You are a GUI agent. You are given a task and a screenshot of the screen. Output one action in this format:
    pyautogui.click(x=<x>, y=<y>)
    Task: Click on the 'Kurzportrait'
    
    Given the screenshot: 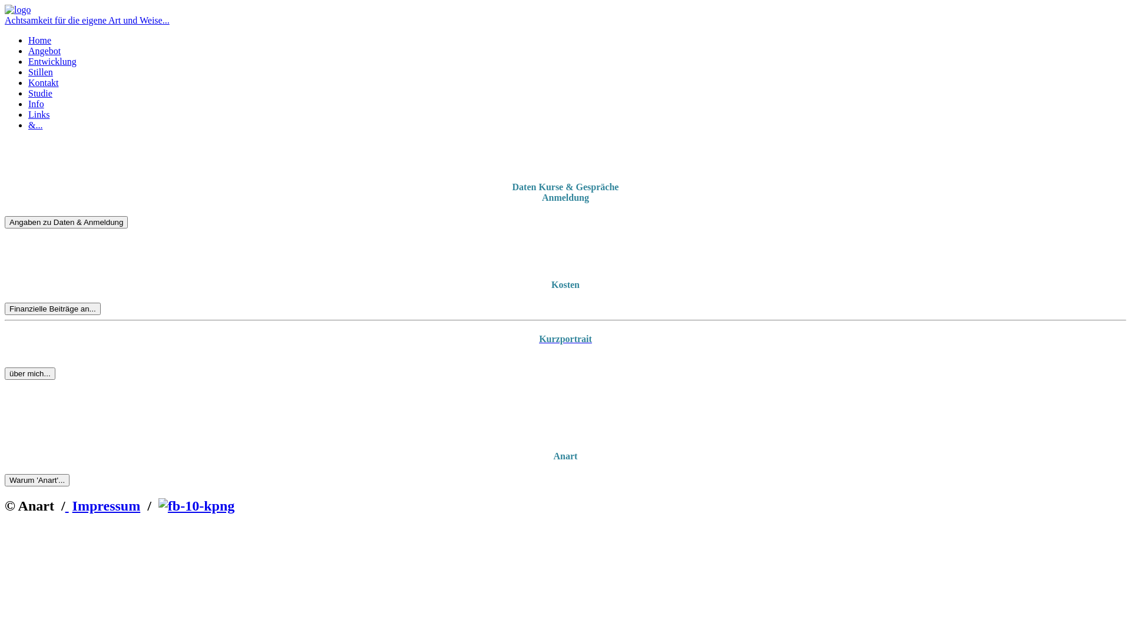 What is the action you would take?
    pyautogui.click(x=565, y=339)
    